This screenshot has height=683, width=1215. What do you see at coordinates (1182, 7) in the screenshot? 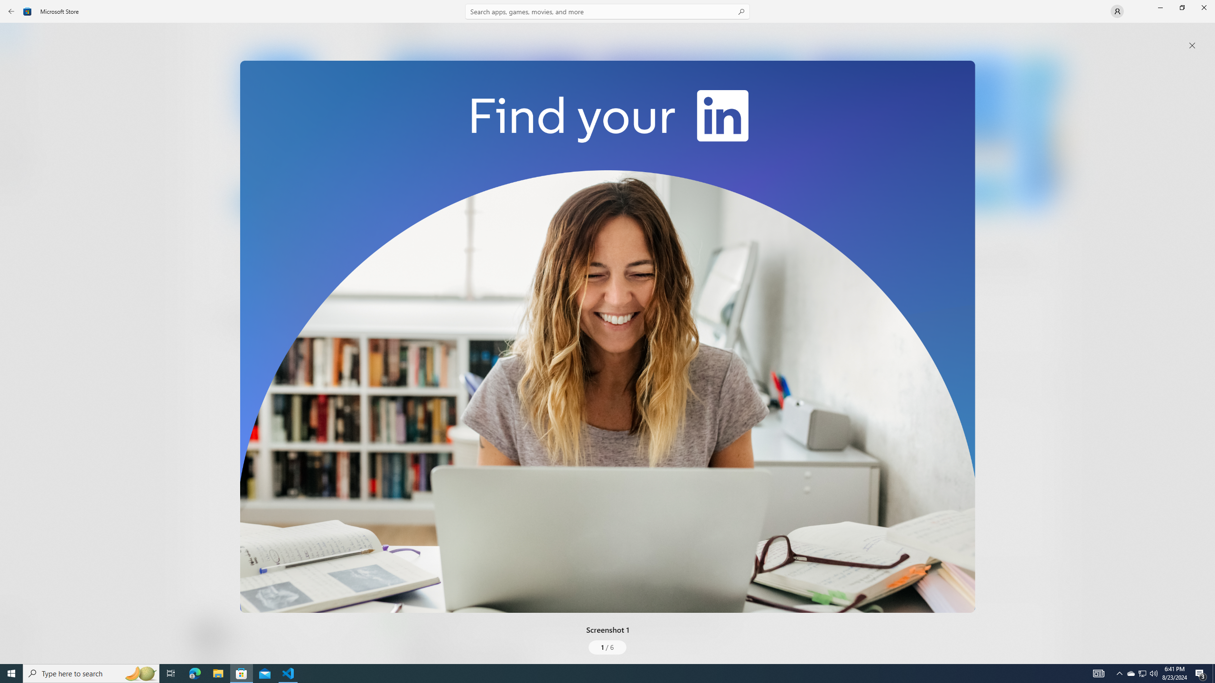
I see `'Restore Microsoft Store'` at bounding box center [1182, 7].